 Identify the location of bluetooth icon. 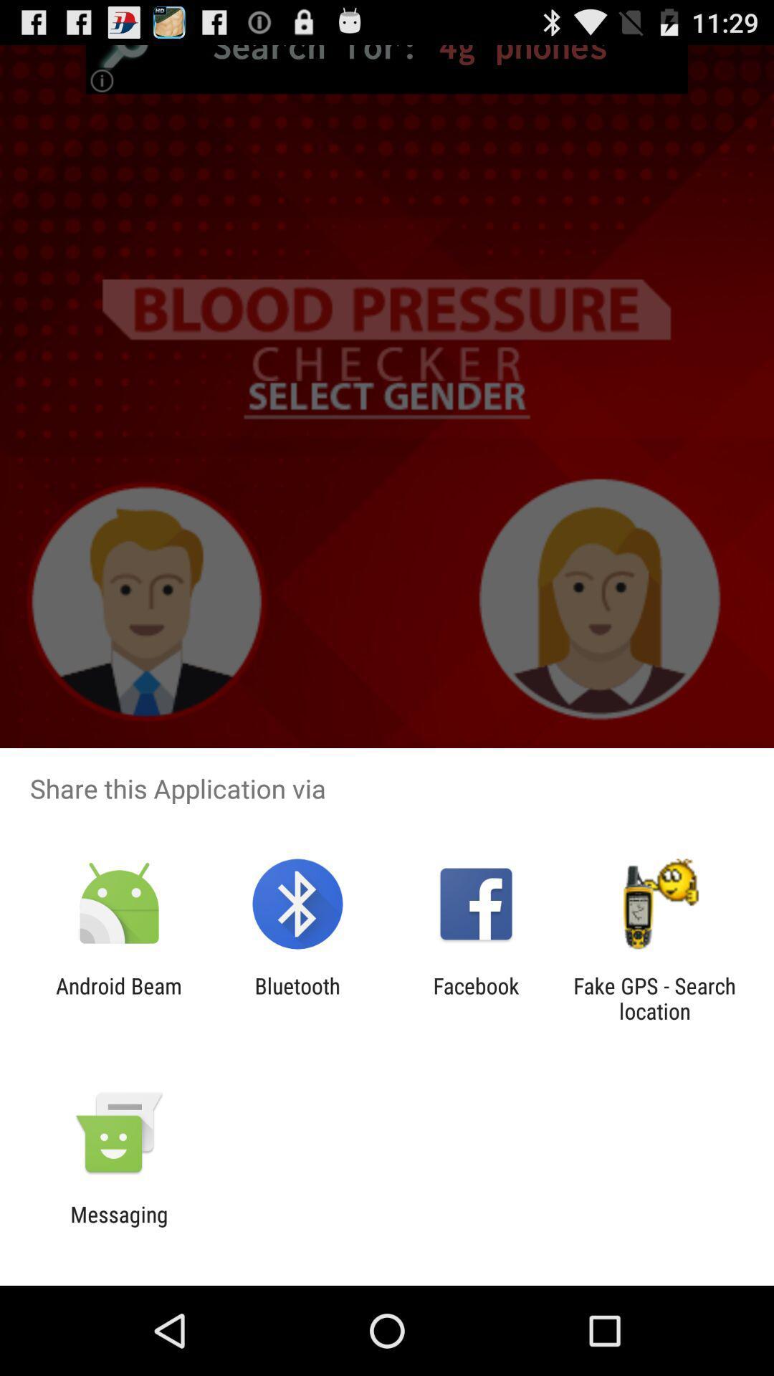
(297, 998).